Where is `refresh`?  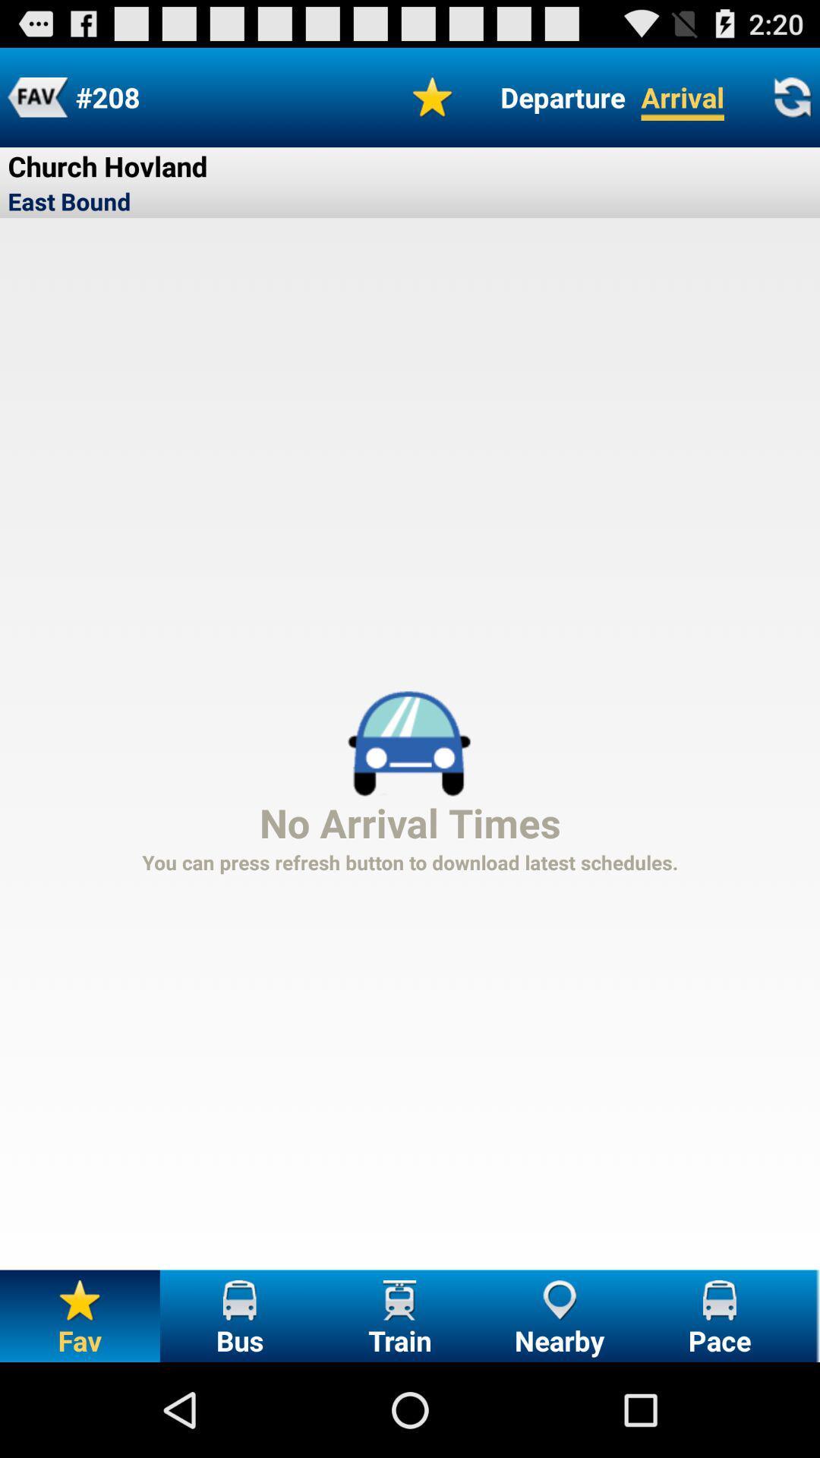
refresh is located at coordinates (791, 96).